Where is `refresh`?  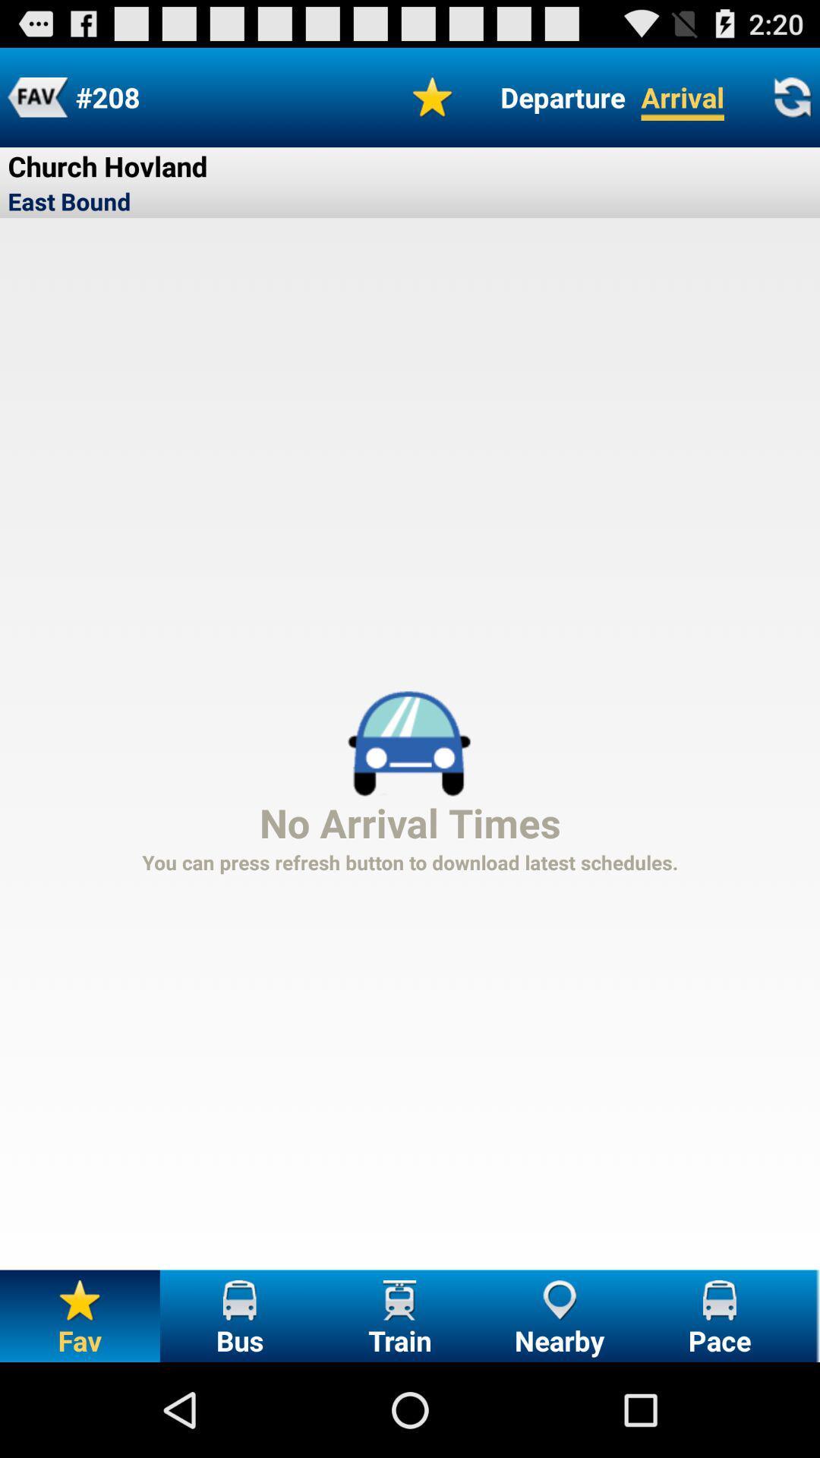
refresh is located at coordinates (791, 96).